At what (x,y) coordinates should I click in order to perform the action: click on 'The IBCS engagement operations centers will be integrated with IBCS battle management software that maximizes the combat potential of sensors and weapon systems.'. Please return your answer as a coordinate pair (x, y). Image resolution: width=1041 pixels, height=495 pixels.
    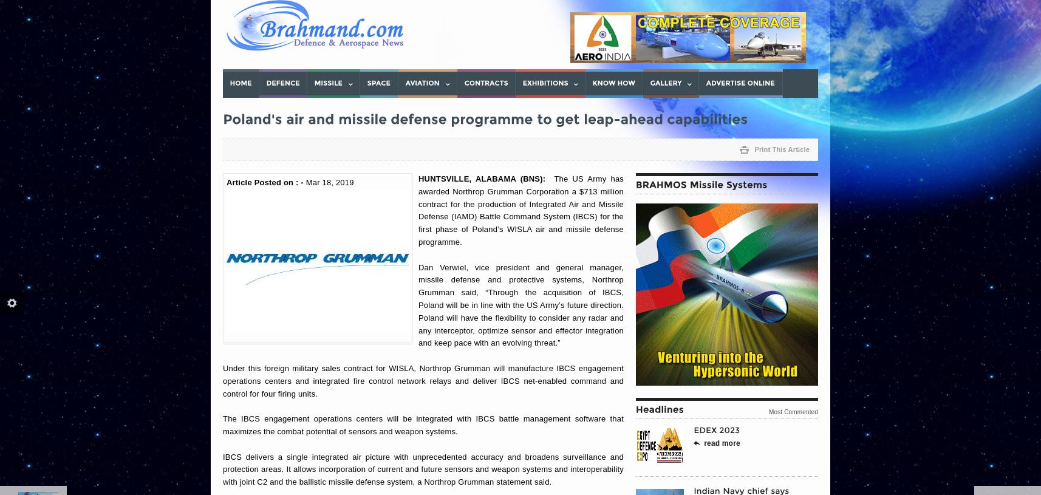
    Looking at the image, I should click on (423, 425).